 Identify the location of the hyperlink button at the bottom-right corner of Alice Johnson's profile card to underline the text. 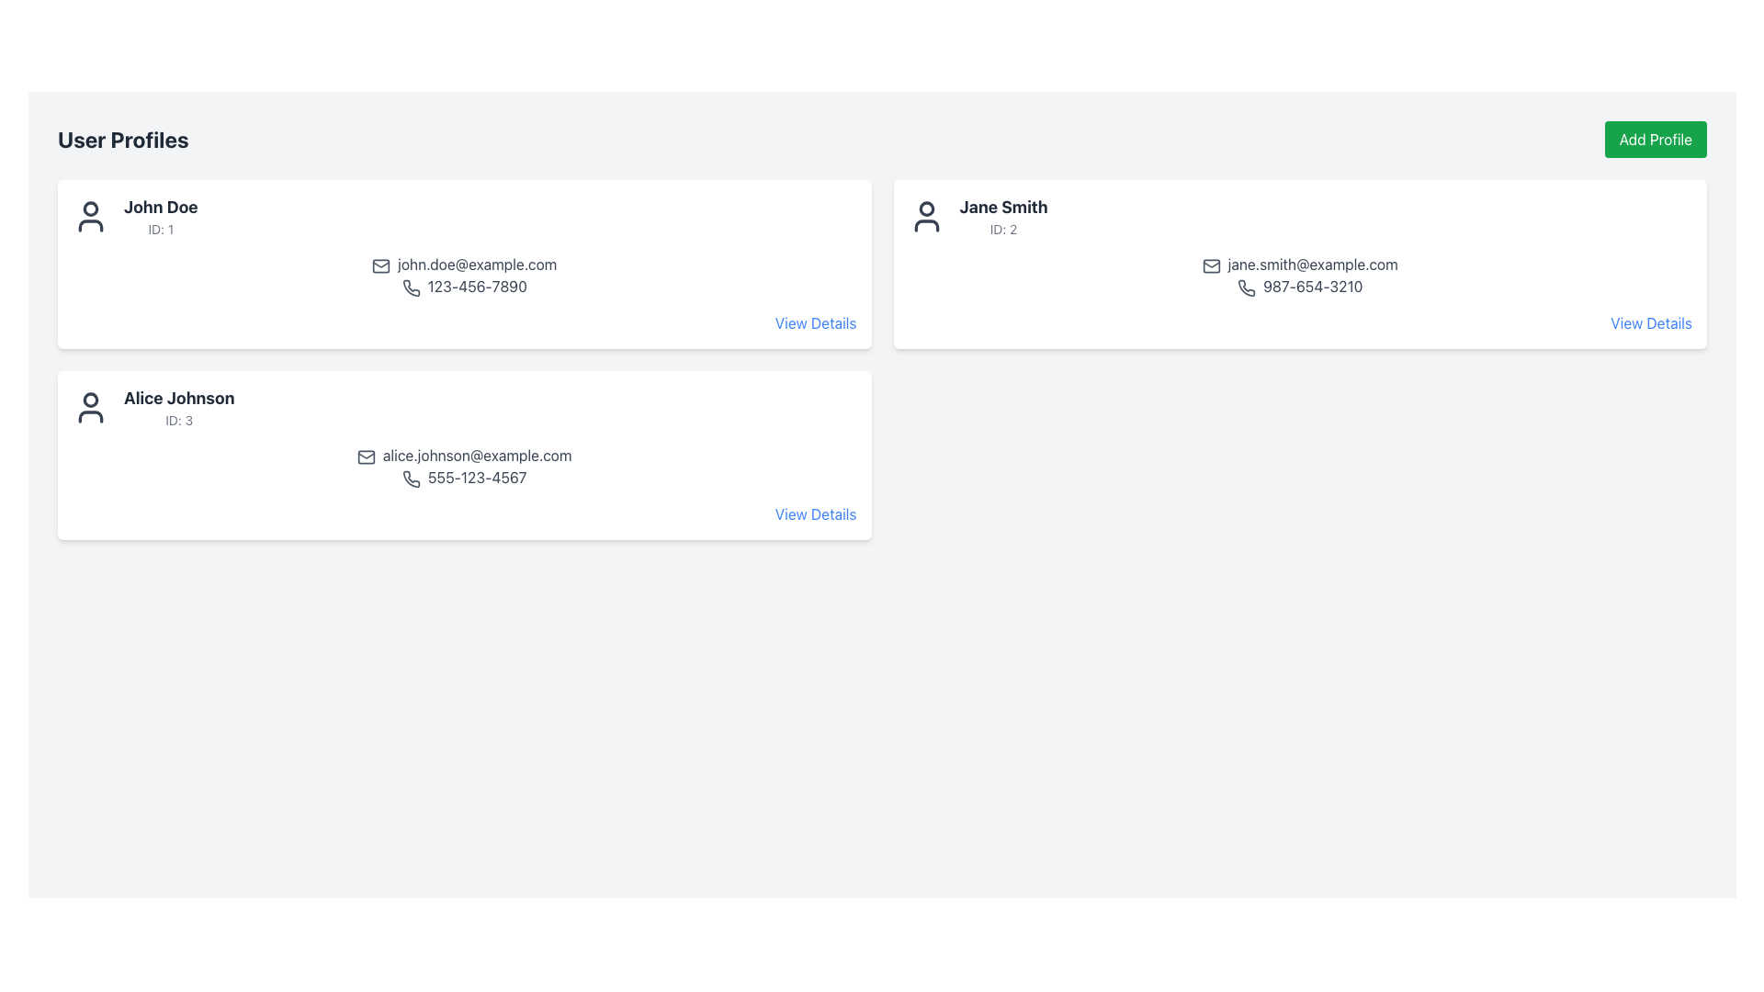
(815, 513).